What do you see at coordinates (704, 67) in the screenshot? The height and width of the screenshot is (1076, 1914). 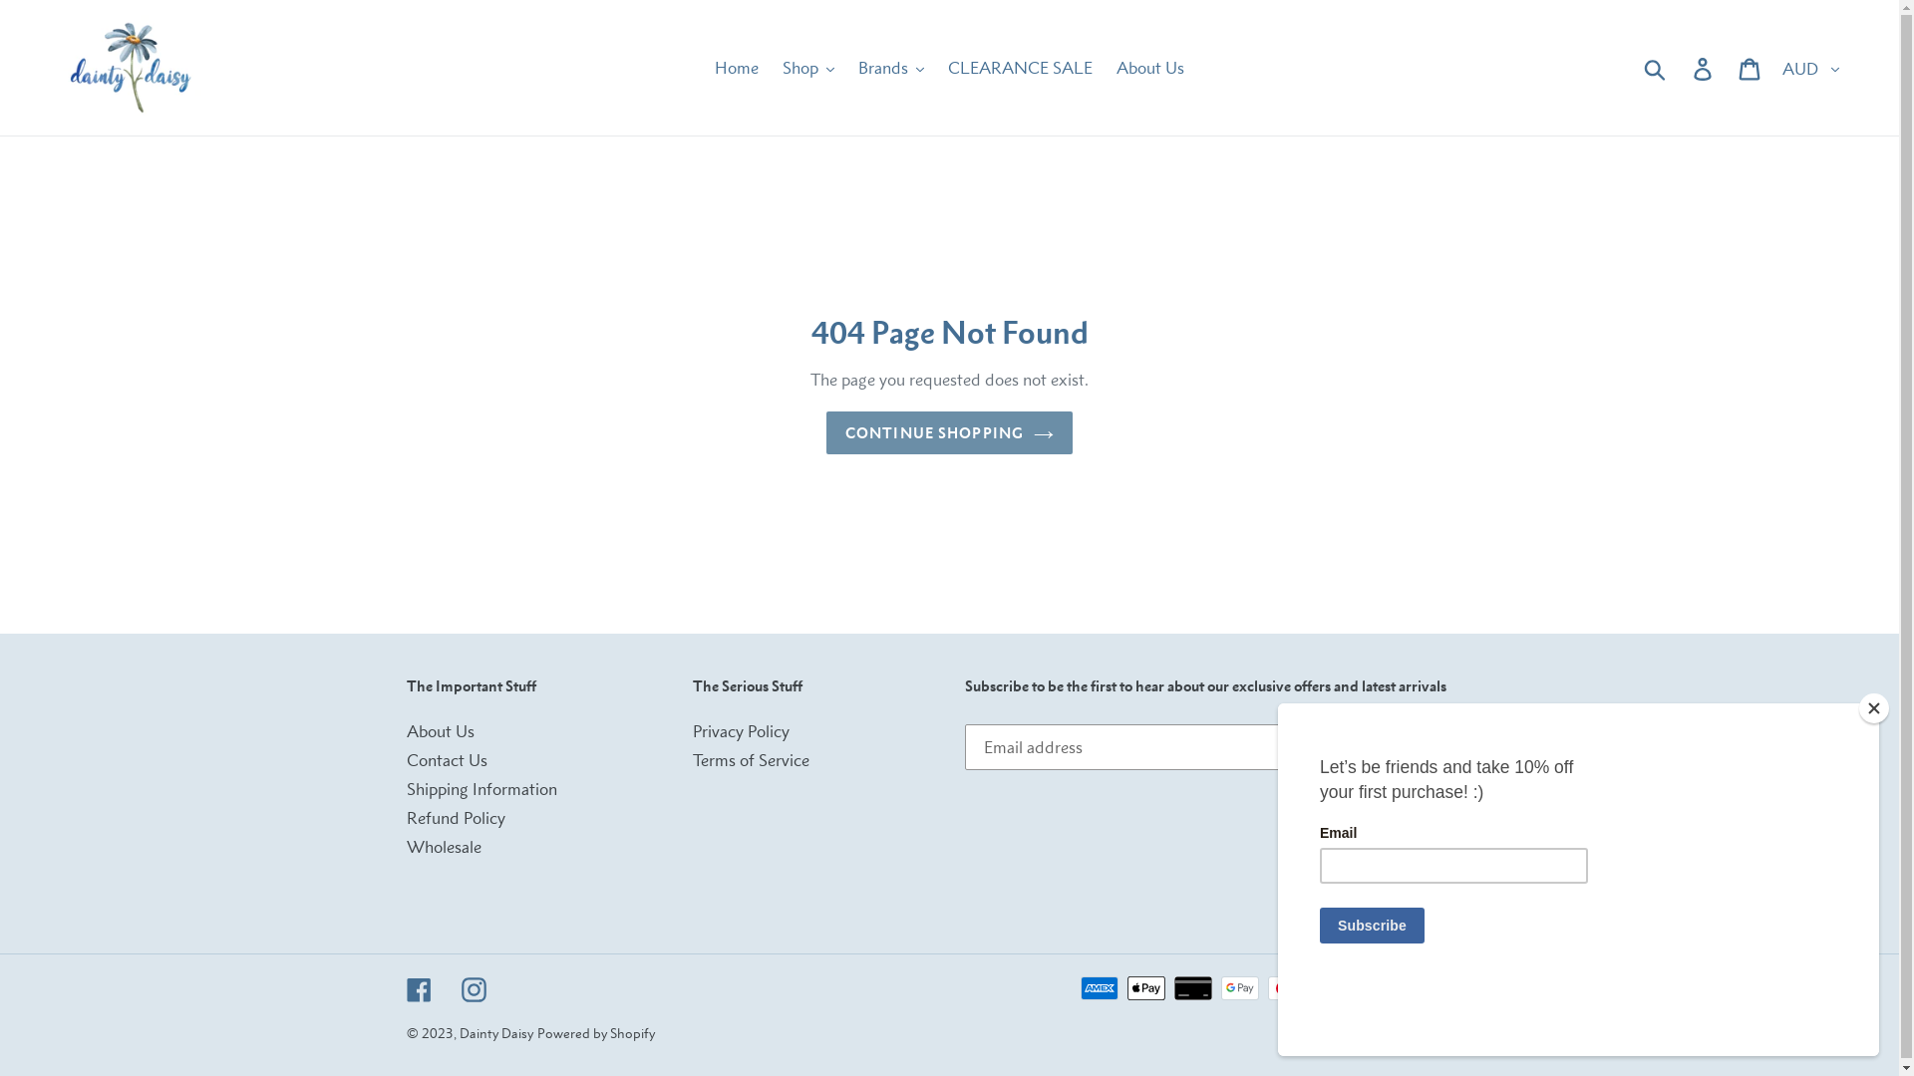 I see `'Home'` at bounding box center [704, 67].